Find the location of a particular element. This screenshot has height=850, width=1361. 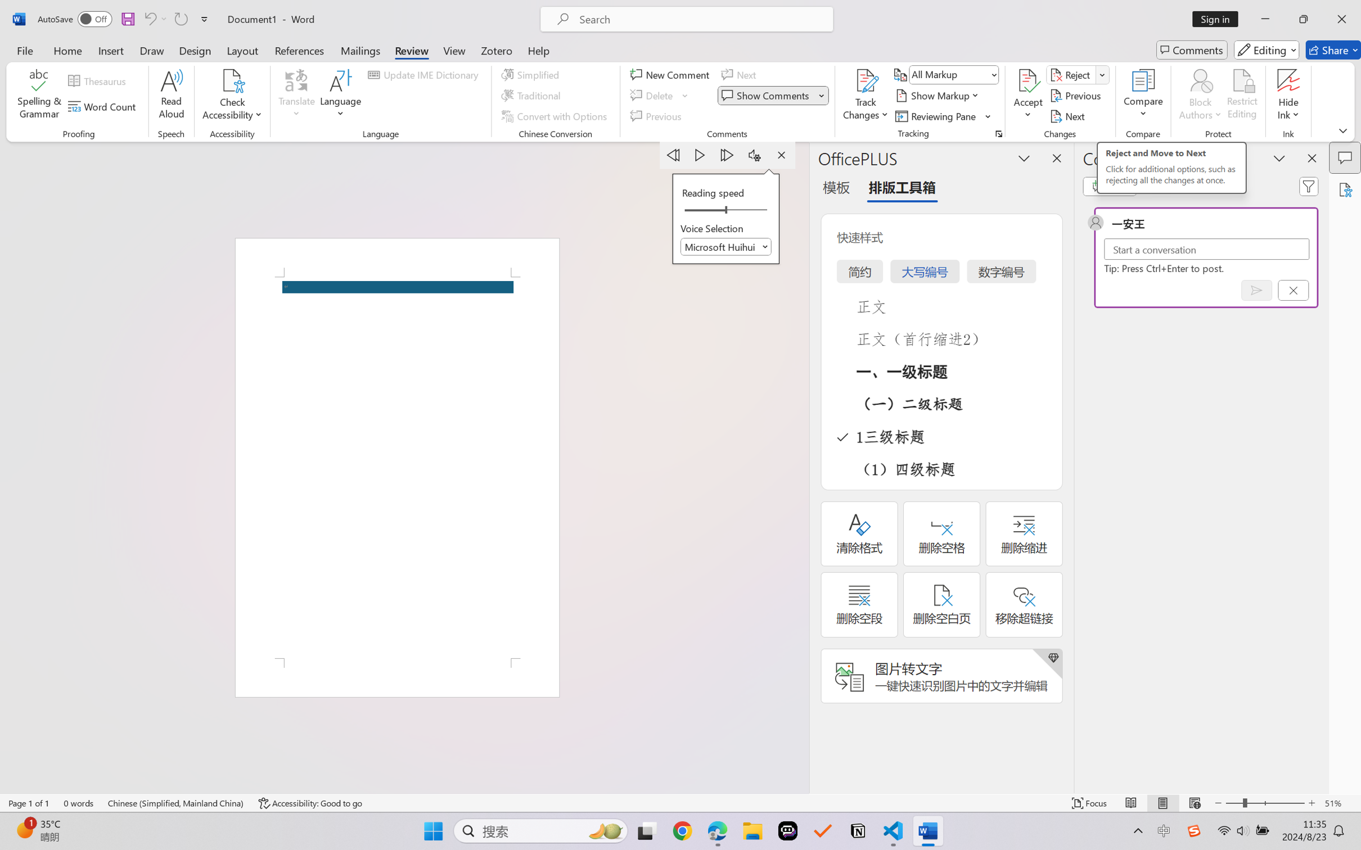

'Previous Paragraph' is located at coordinates (673, 155).